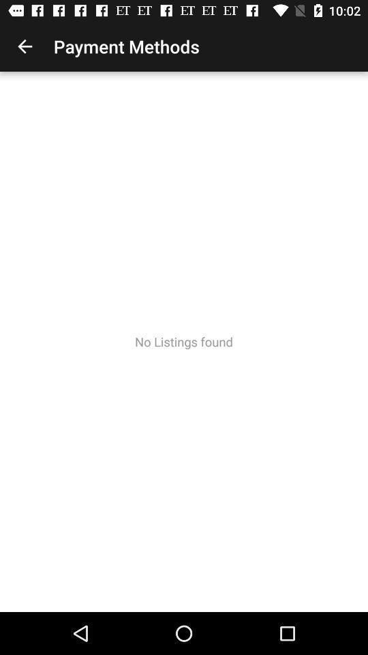 The width and height of the screenshot is (368, 655). I want to click on icon above no listings found item, so click(25, 46).